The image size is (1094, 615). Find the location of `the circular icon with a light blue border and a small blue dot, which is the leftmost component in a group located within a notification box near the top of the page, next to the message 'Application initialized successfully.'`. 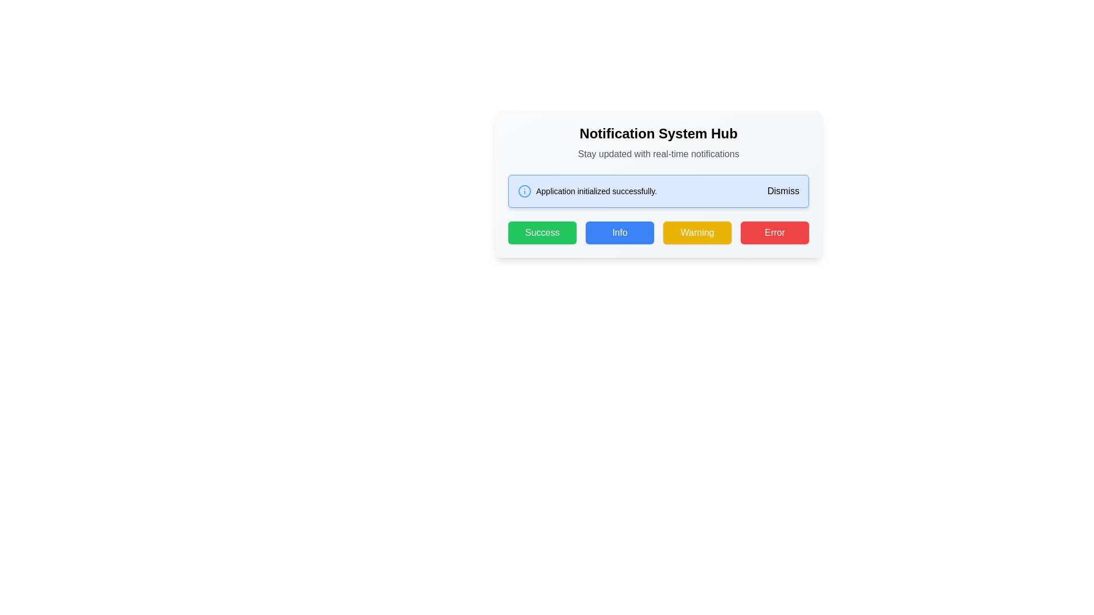

the circular icon with a light blue border and a small blue dot, which is the leftmost component in a group located within a notification box near the top of the page, next to the message 'Application initialized successfully.' is located at coordinates (524, 190).